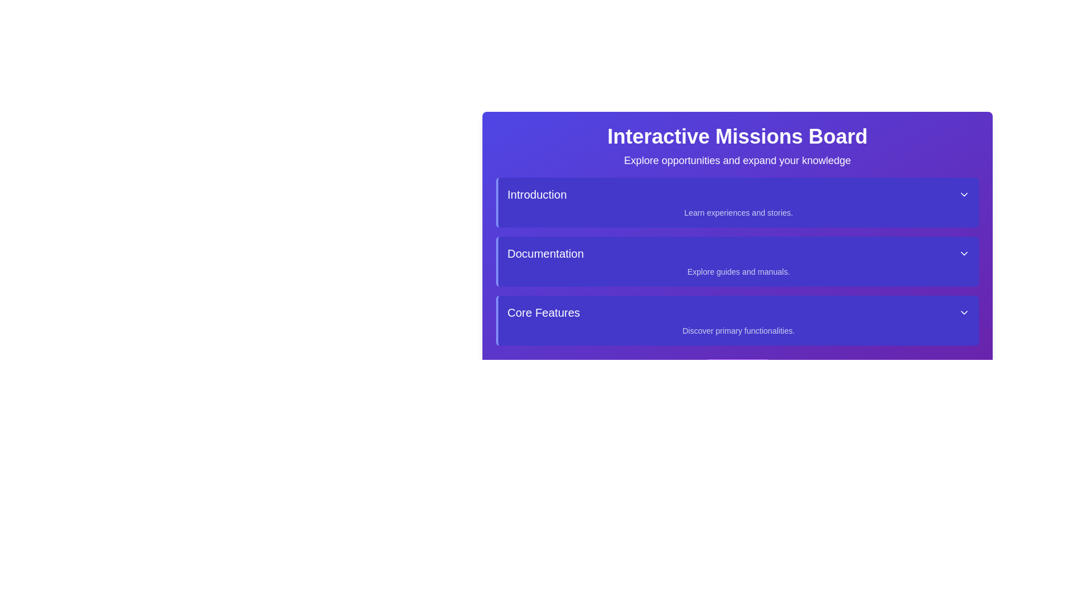  What do you see at coordinates (543, 313) in the screenshot?
I see `the 'Core Features' text label, which serves as a heading in the 'Interactive Missions Board' section, located above the description text and before the chevron icon` at bounding box center [543, 313].